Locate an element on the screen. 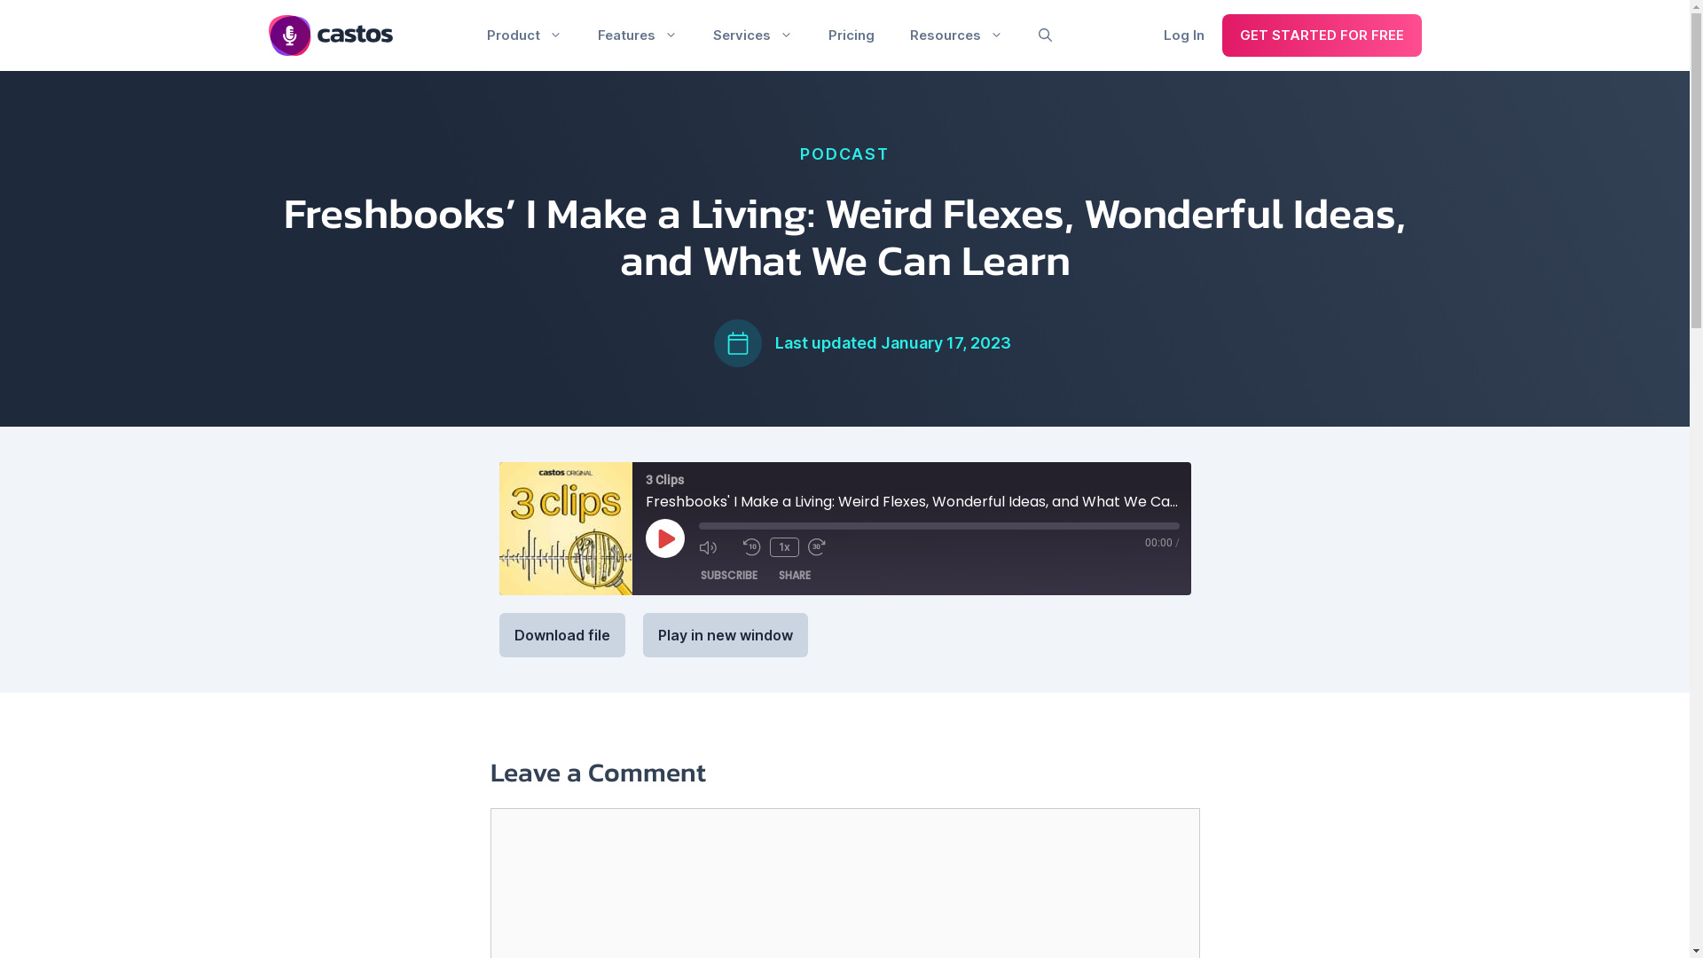 The image size is (1703, 958). 'Play in new window' is located at coordinates (724, 634).